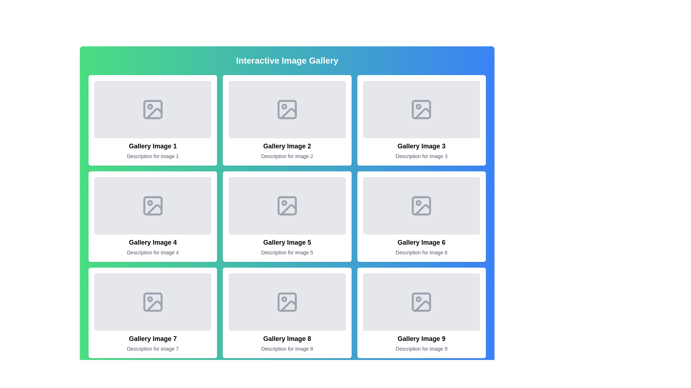  Describe the element at coordinates (421, 252) in the screenshot. I see `the small gray text label located below the title 'Gallery Image 6' in the sixth cell of a 3x3 grid` at that location.